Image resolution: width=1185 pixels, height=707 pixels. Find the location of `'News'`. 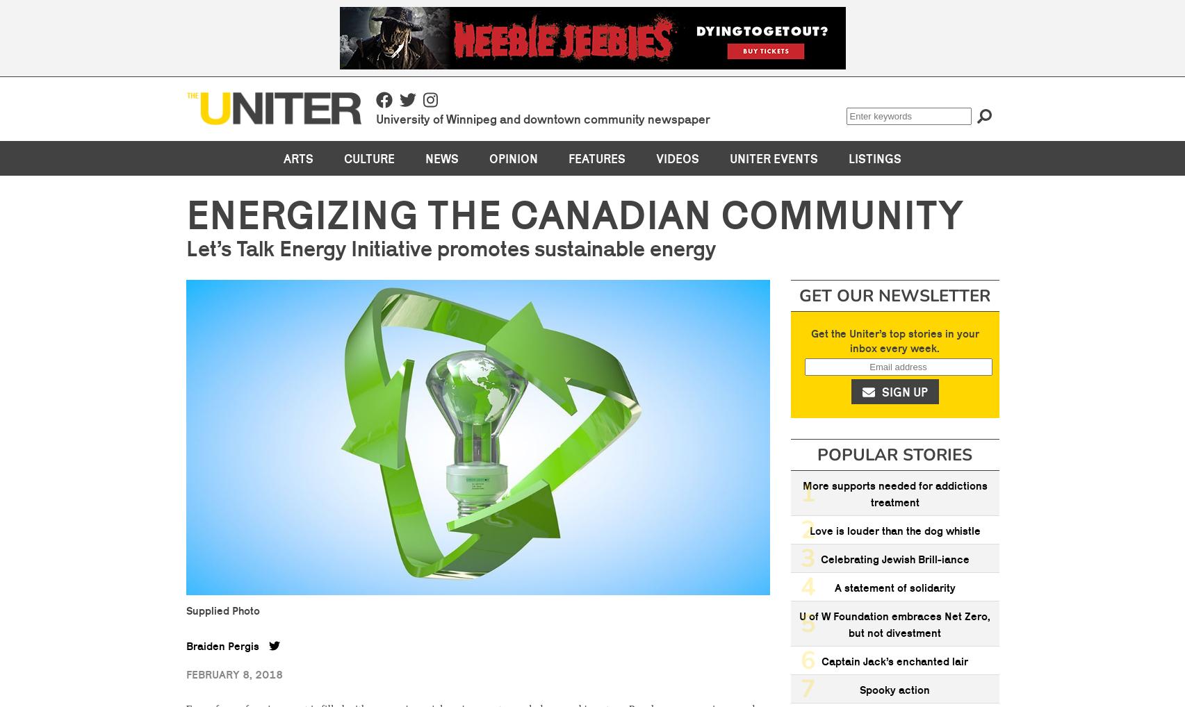

'News' is located at coordinates (441, 157).